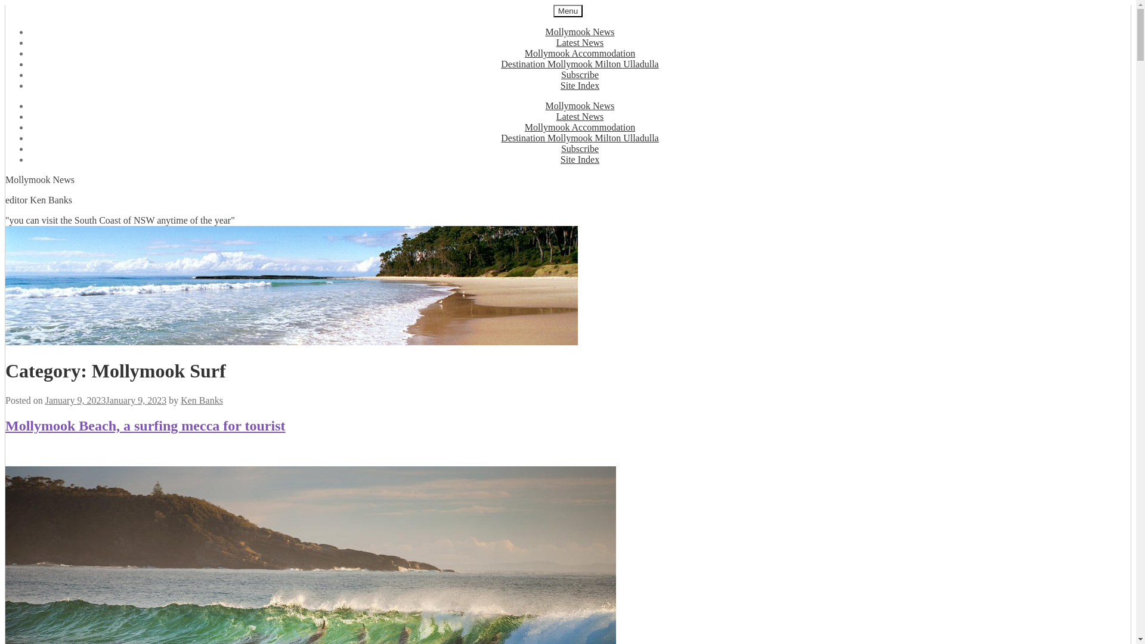 This screenshot has width=1145, height=644. I want to click on 'January 9, 2023January 9, 2023', so click(106, 400).